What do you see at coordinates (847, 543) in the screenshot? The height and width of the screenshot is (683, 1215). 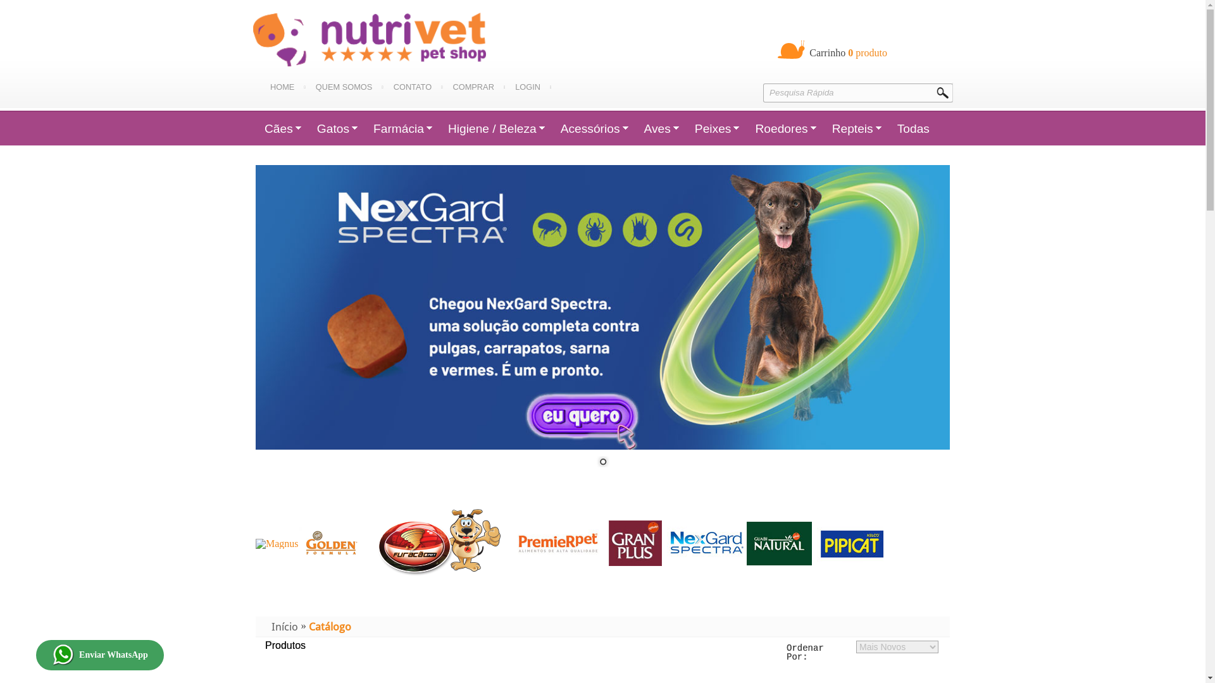 I see `'pipicat'` at bounding box center [847, 543].